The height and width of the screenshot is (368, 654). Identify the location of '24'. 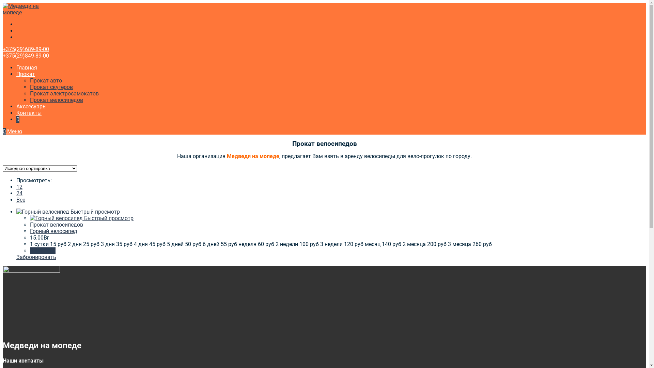
(16, 193).